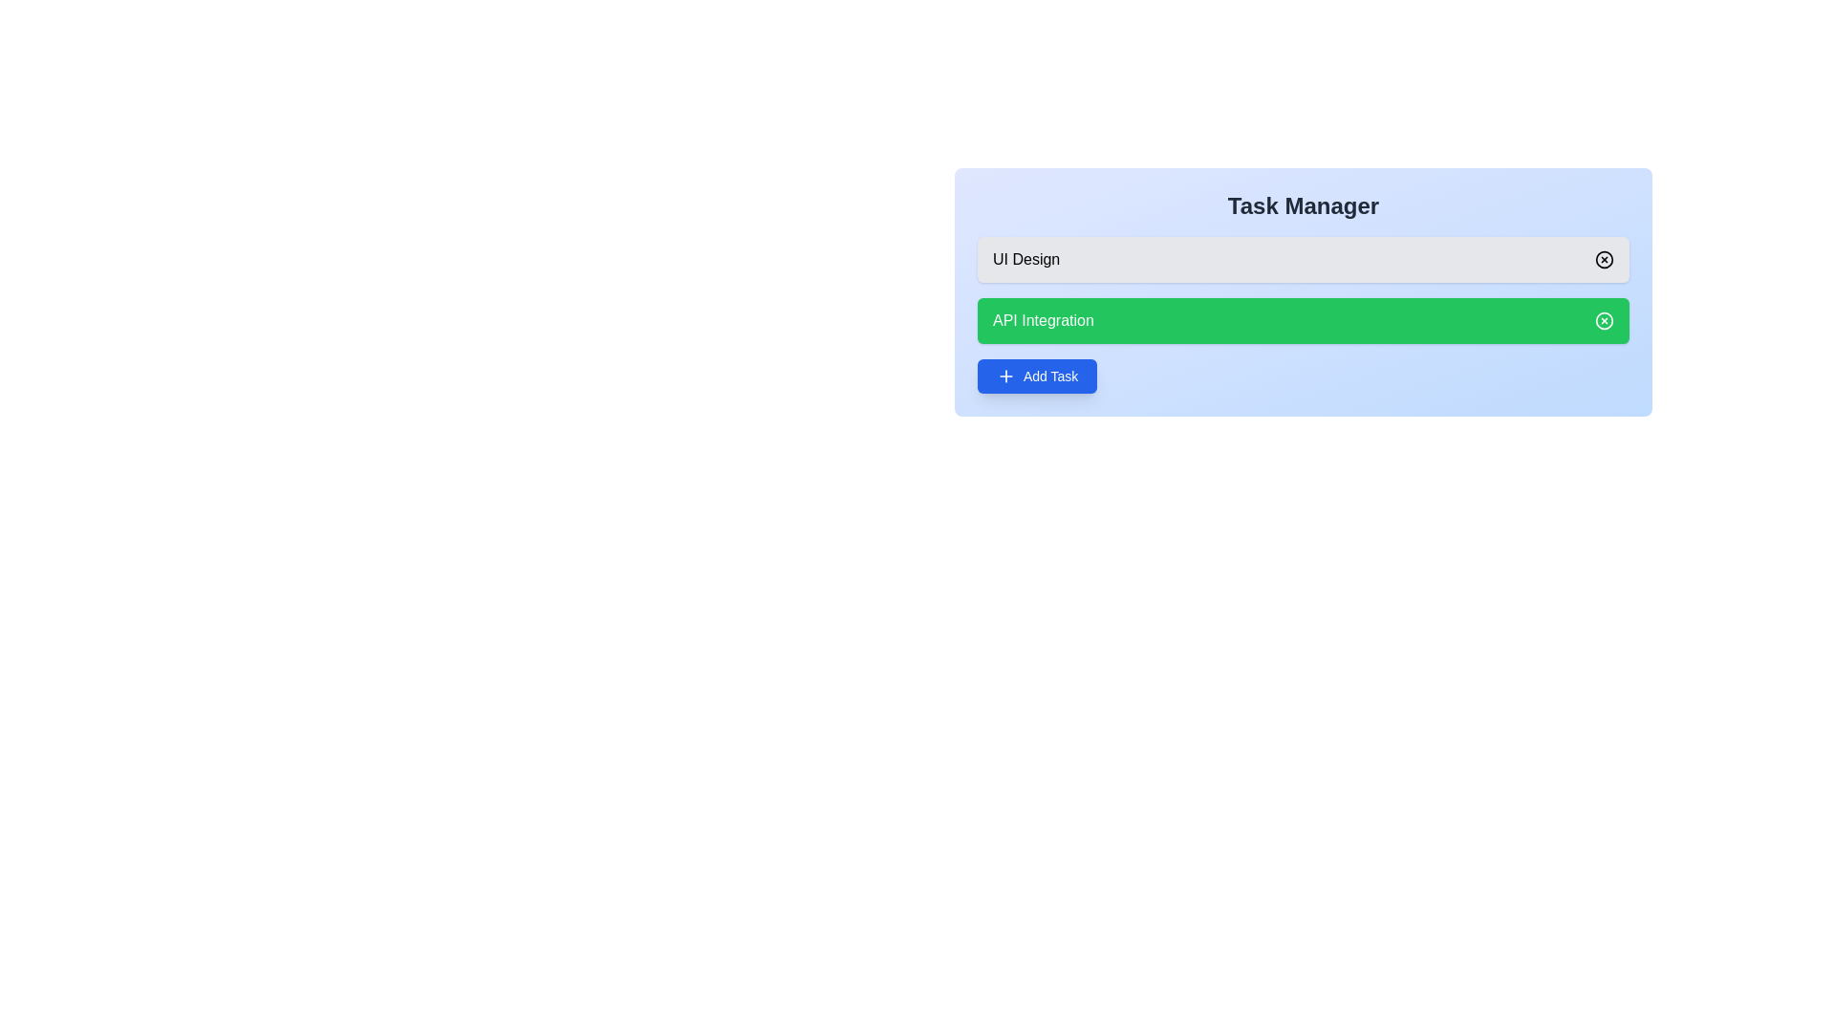 The width and height of the screenshot is (1835, 1032). Describe the element at coordinates (1036, 376) in the screenshot. I see `the 'Add Task' button to add a new task` at that location.